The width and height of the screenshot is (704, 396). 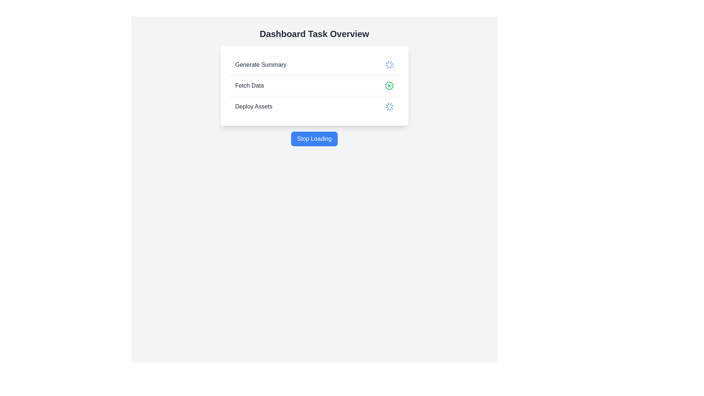 What do you see at coordinates (389, 85) in the screenshot?
I see `the Status Indicator Icon located on the right side of the 'Fetch Data' row, which indicates the status of the 'Fetch Data' operation` at bounding box center [389, 85].